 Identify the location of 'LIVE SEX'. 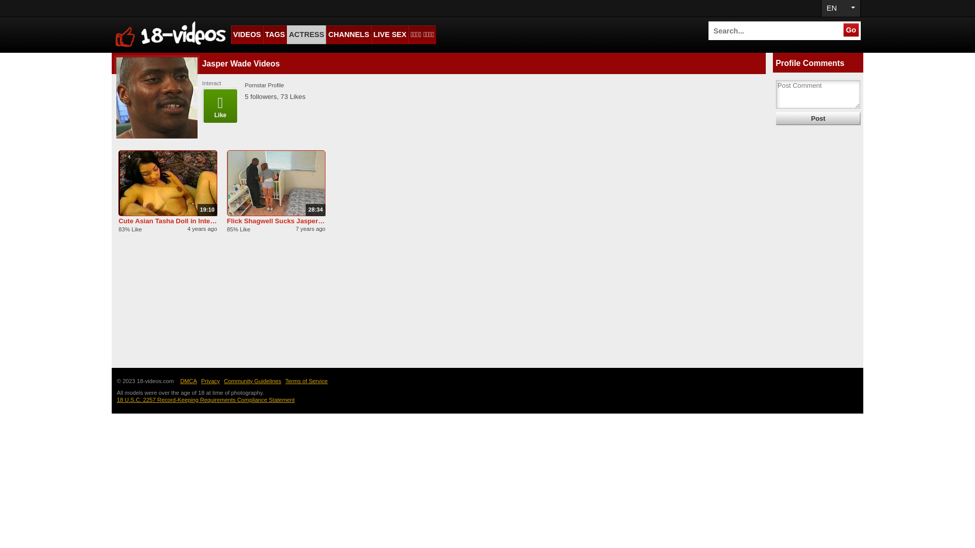
(389, 34).